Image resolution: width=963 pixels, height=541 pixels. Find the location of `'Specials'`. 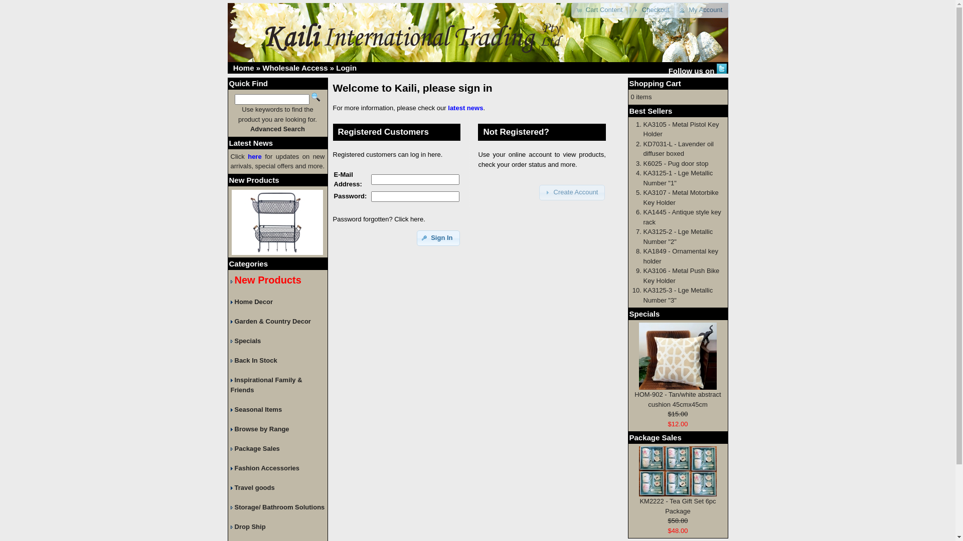

'Specials' is located at coordinates (230, 340).